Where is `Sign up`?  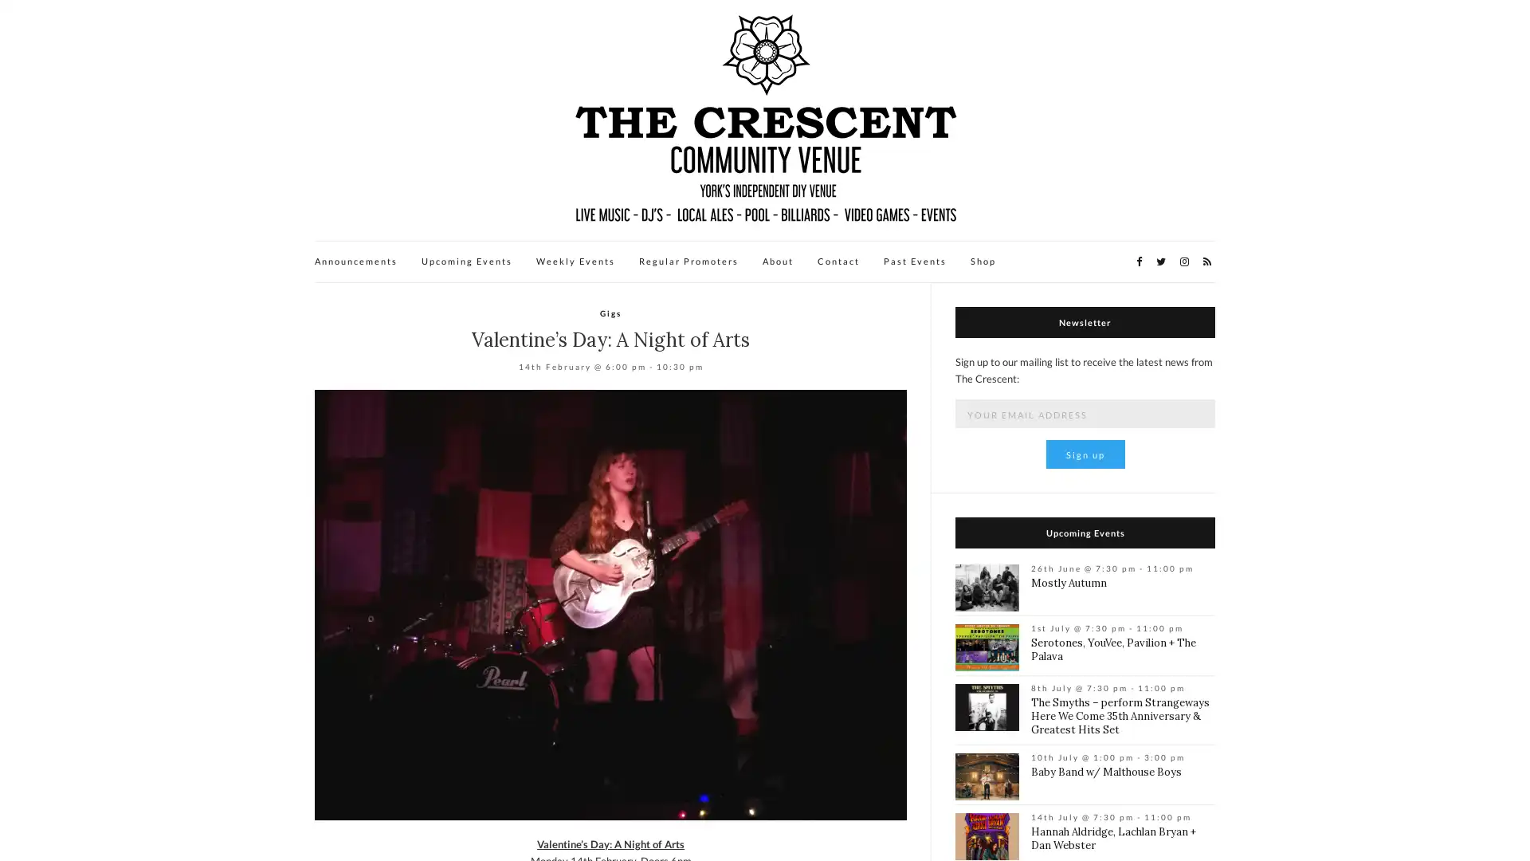
Sign up is located at coordinates (1084, 454).